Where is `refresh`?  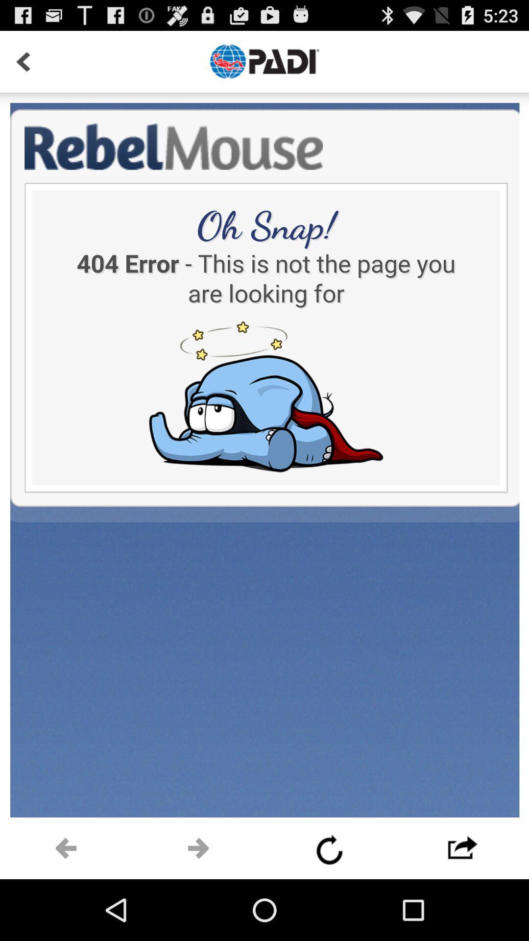
refresh is located at coordinates (331, 848).